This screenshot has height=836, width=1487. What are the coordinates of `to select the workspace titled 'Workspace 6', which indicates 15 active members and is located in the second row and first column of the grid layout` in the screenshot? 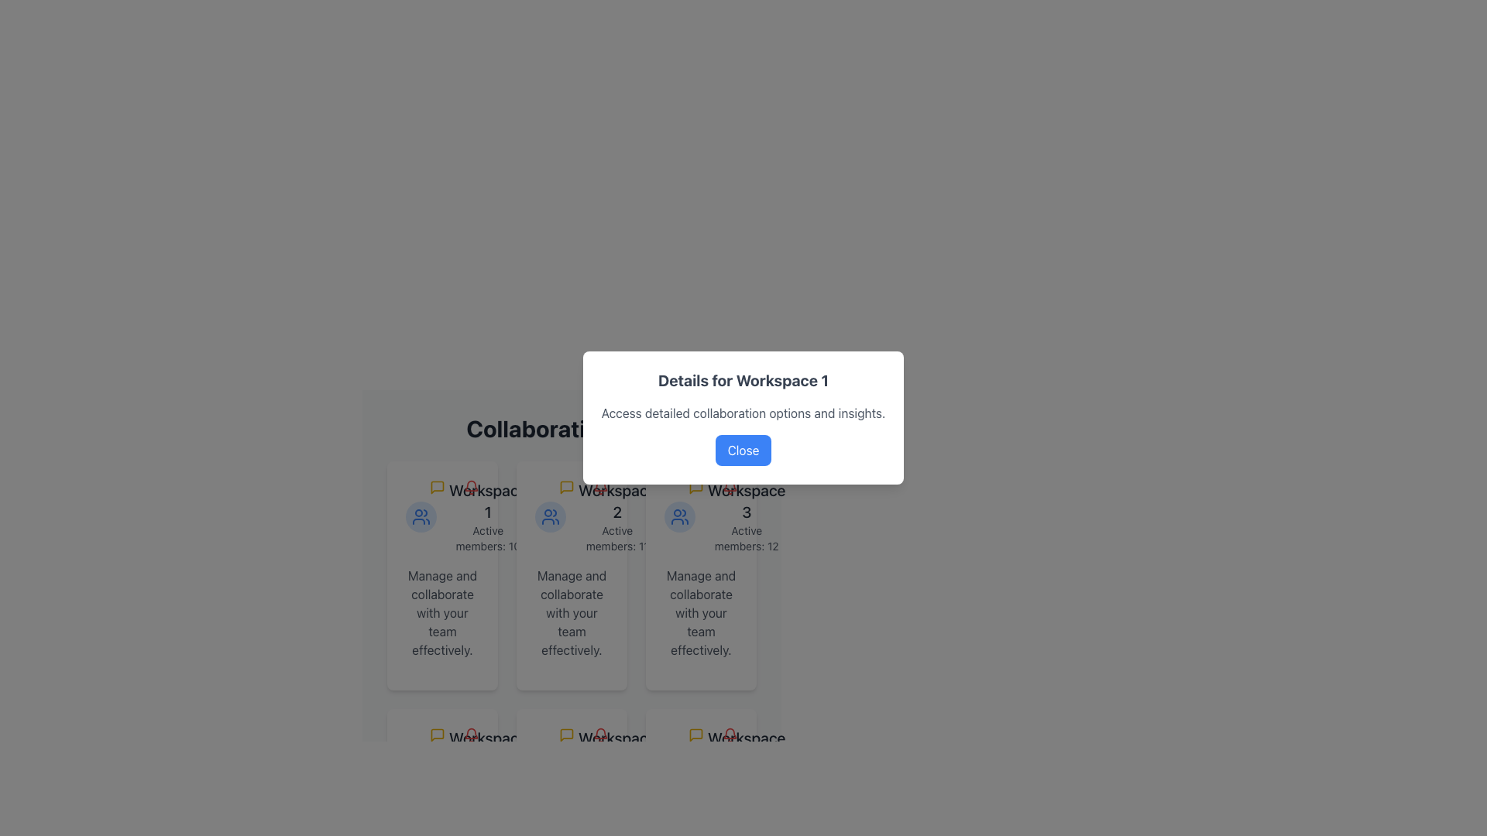 It's located at (700, 763).